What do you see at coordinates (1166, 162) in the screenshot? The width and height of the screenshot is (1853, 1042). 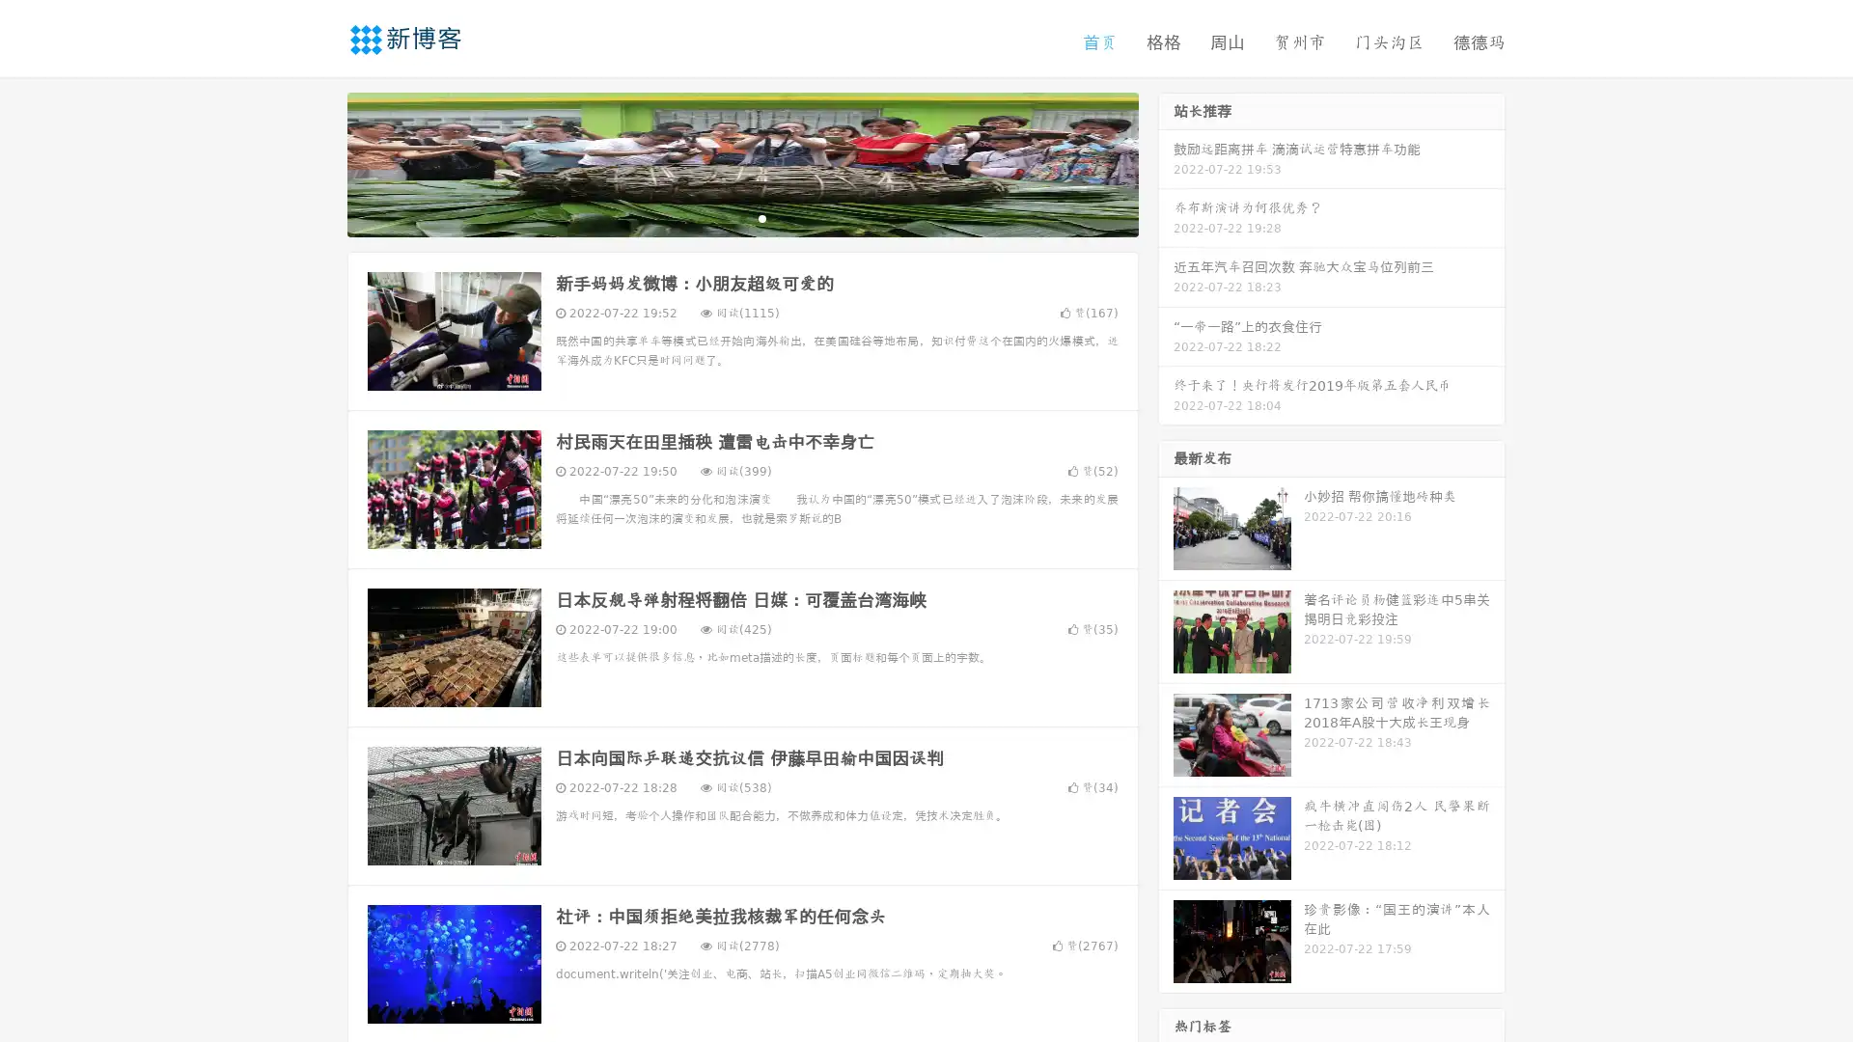 I see `Next slide` at bounding box center [1166, 162].